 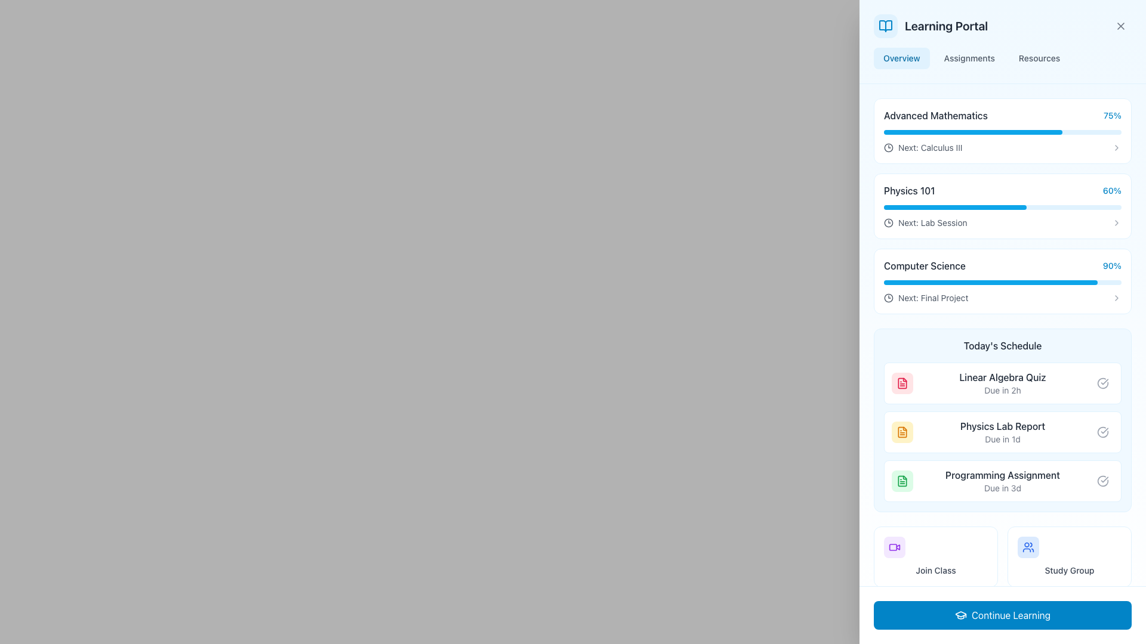 What do you see at coordinates (888, 298) in the screenshot?
I see `the circular clock icon with black outline located to the left of the text 'Next: Final Project' in the 'Computer Science' card` at bounding box center [888, 298].